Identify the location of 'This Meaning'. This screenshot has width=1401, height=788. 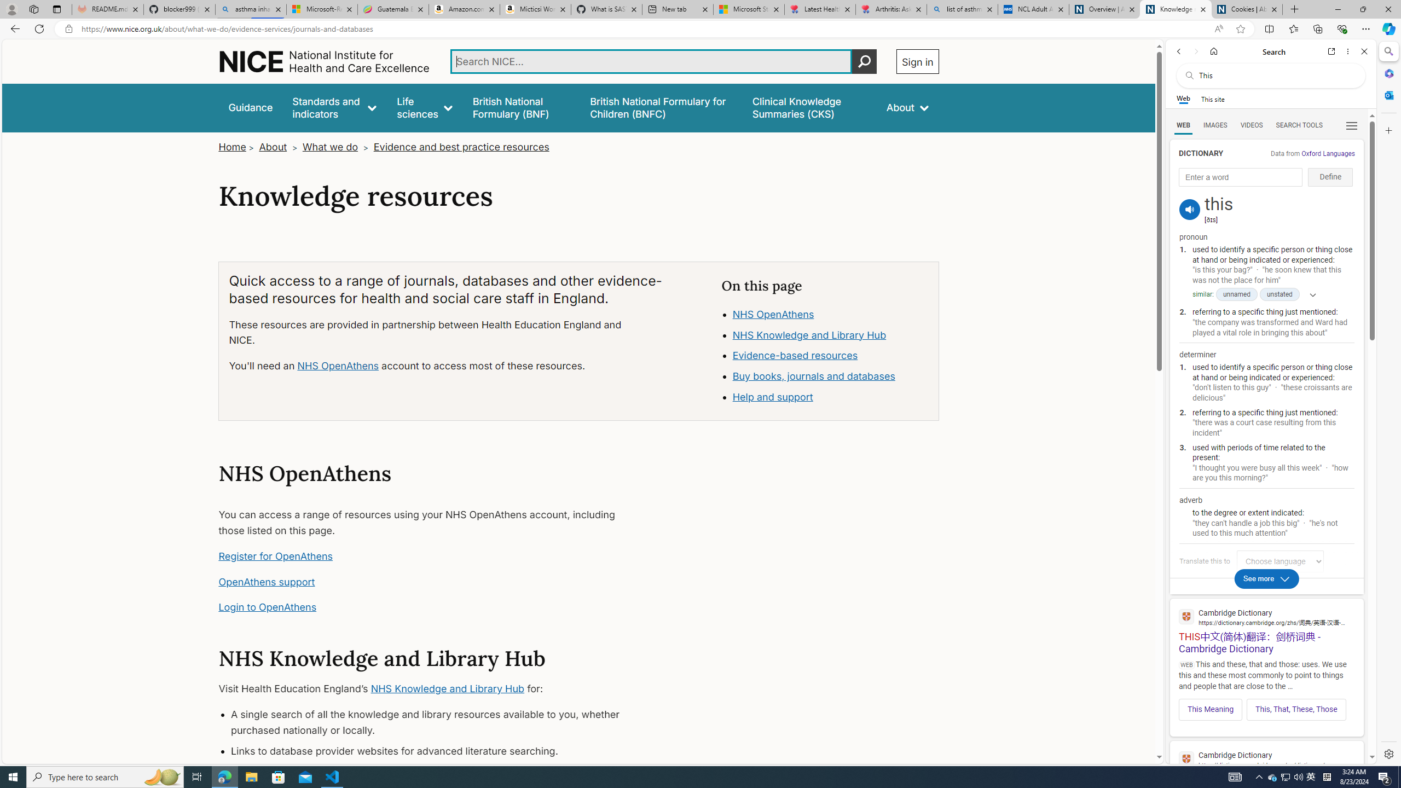
(1211, 709).